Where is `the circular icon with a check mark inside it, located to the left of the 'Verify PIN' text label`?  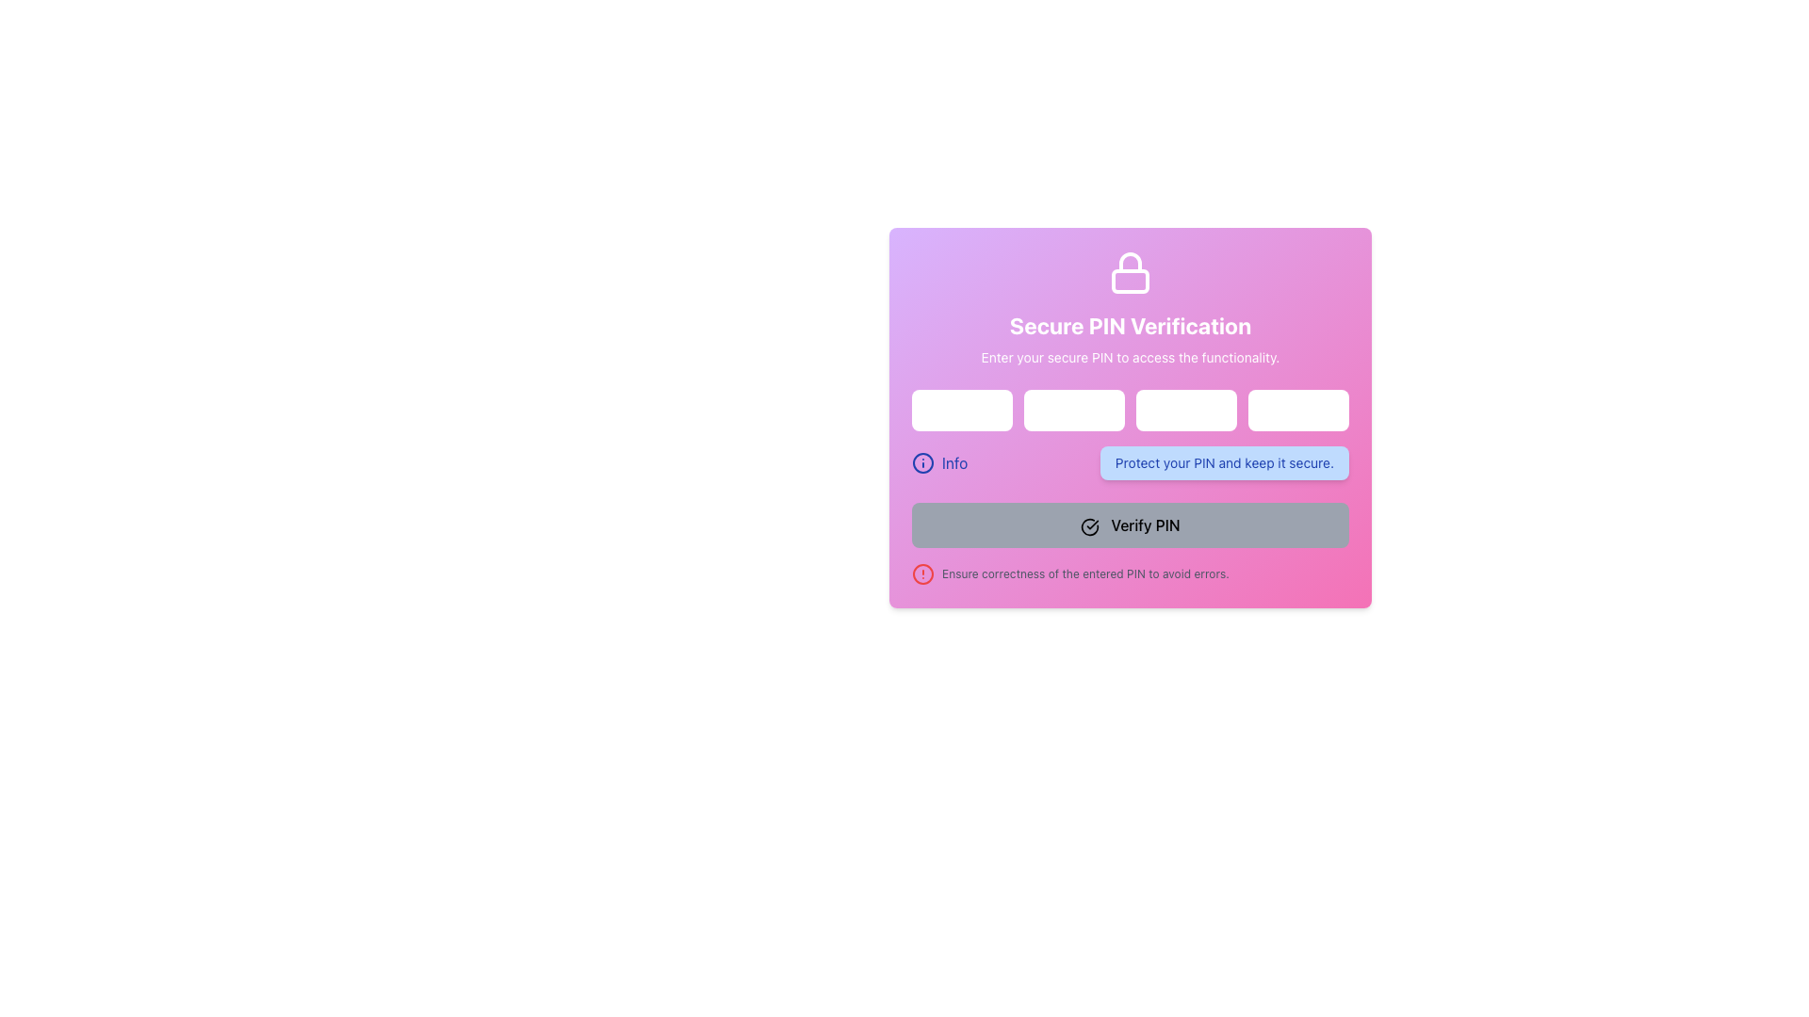 the circular icon with a check mark inside it, located to the left of the 'Verify PIN' text label is located at coordinates (1090, 526).